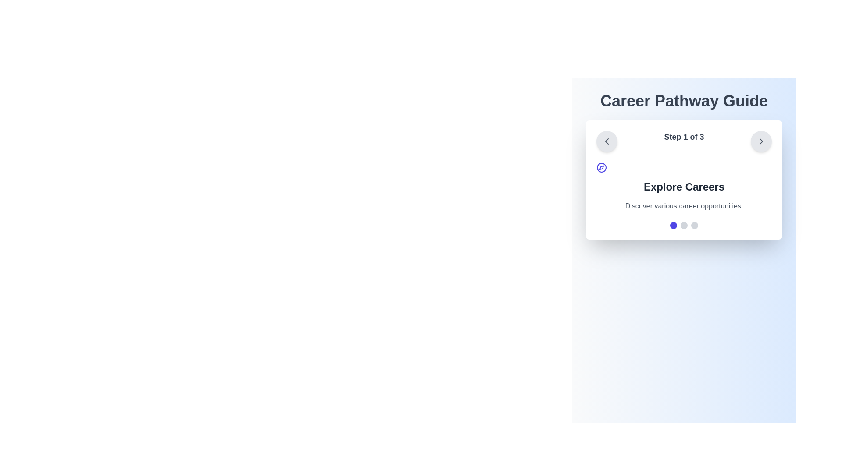 This screenshot has width=842, height=473. What do you see at coordinates (694, 225) in the screenshot?
I see `the third circular step indicator button, which is gray and represents an inactive state, located below the text 'Explore Careers'` at bounding box center [694, 225].